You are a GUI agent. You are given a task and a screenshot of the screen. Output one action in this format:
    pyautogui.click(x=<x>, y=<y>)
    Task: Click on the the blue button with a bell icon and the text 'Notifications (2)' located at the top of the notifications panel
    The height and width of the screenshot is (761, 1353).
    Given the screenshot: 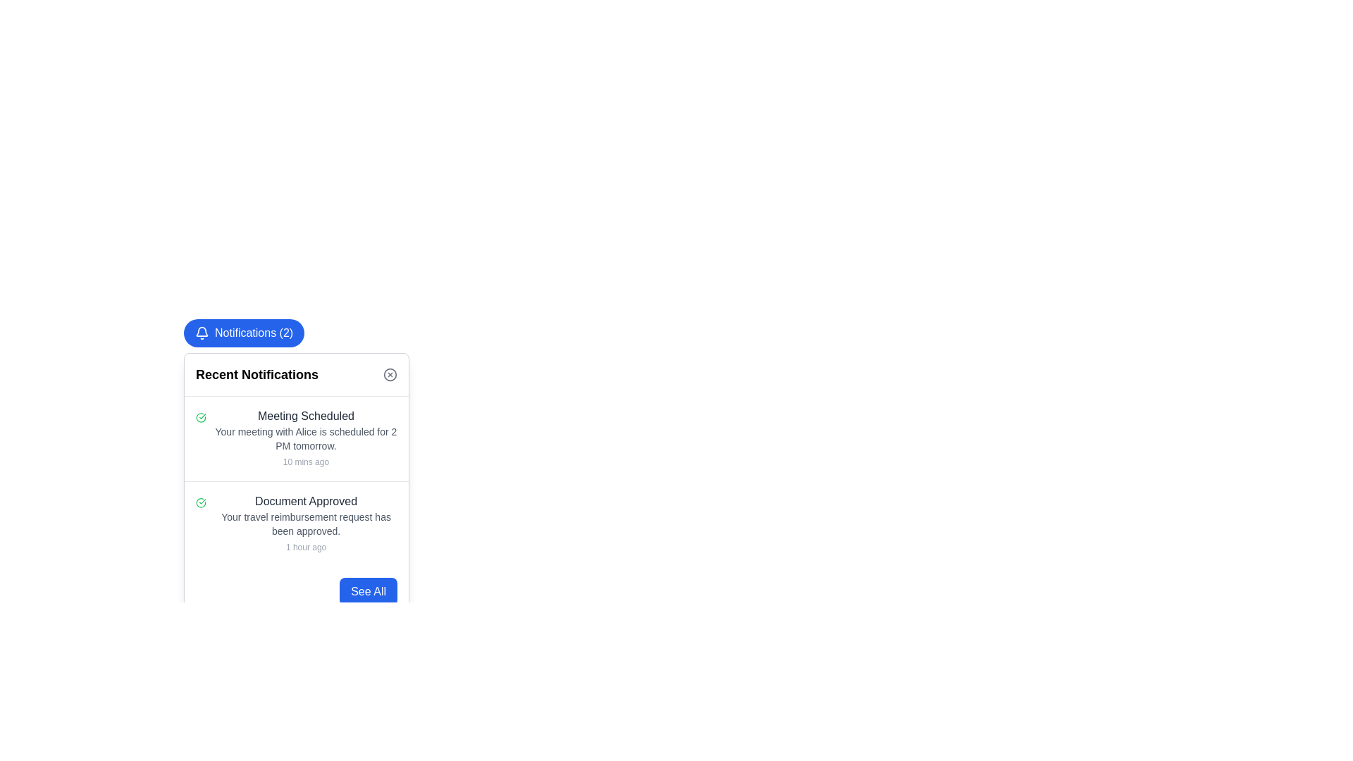 What is the action you would take?
    pyautogui.click(x=296, y=333)
    